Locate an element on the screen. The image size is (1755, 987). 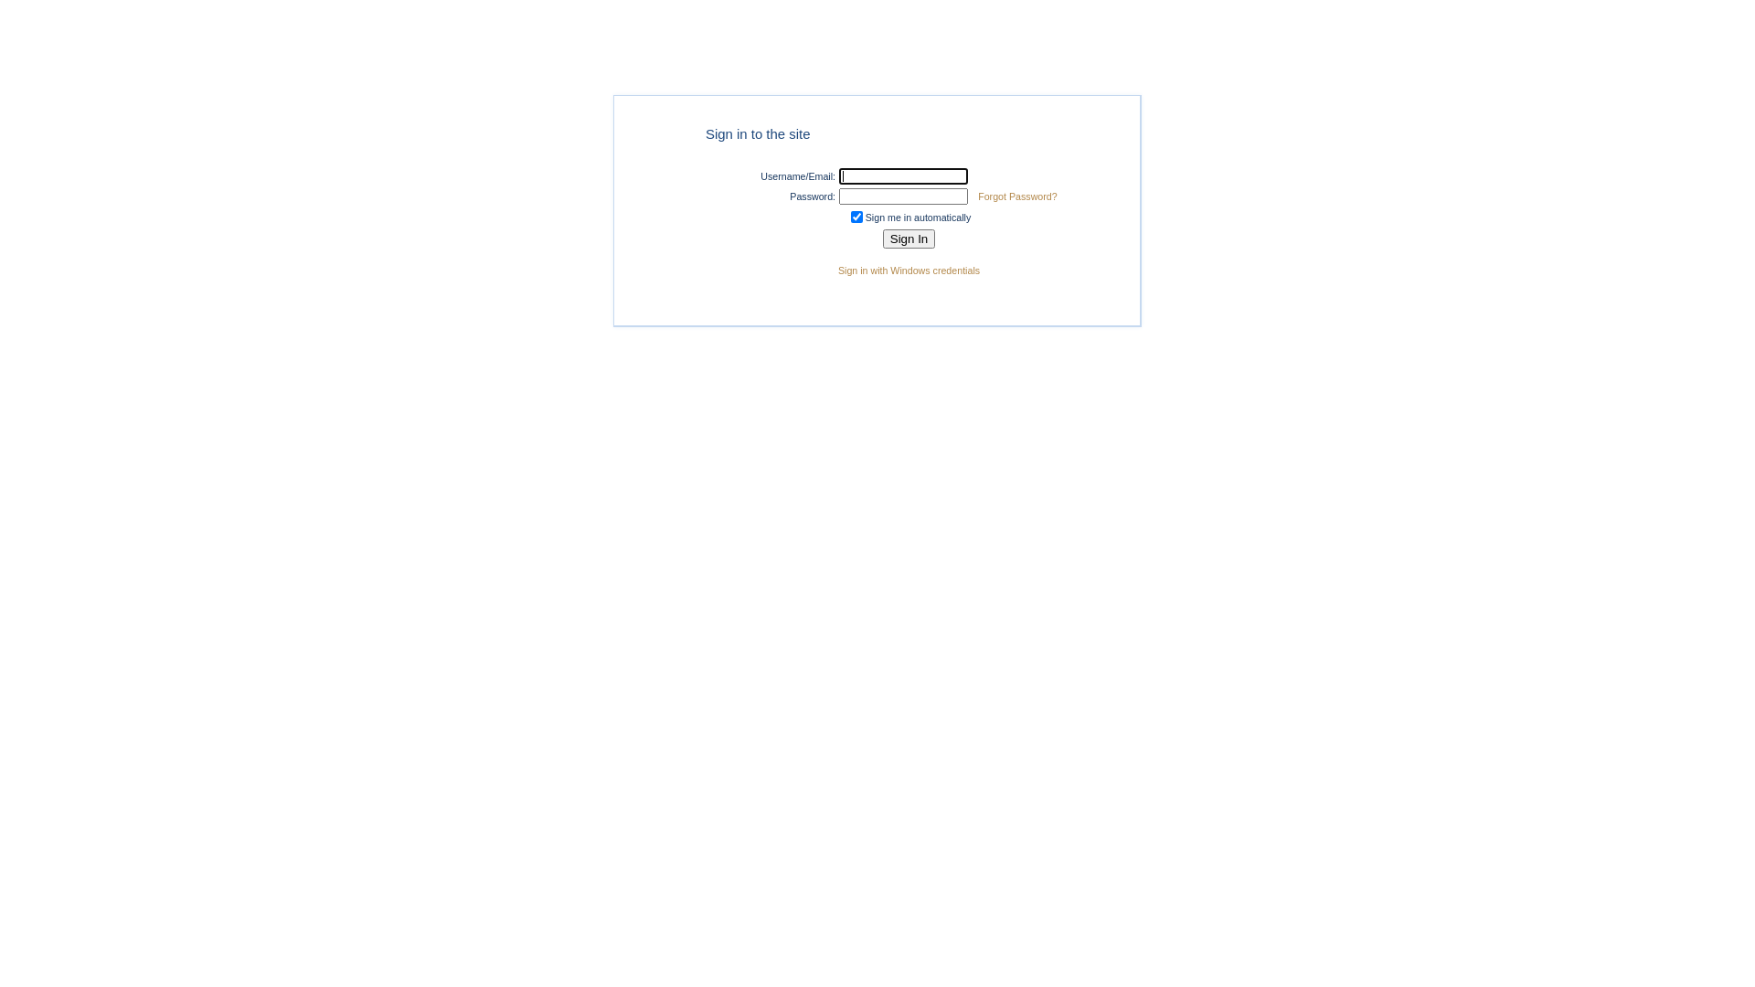
'Sign in with Windows credentials' is located at coordinates (909, 271).